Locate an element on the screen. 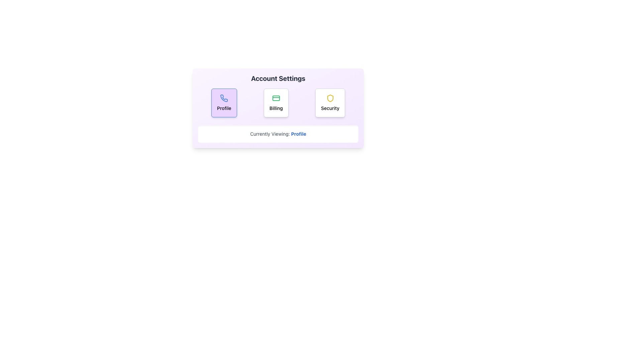 This screenshot has width=642, height=361. the 'Billing' text label element, which is styled with a medium-sized sans-serif font and located centrally below the credit card icon in the 'Account Settings' section is located at coordinates (276, 108).